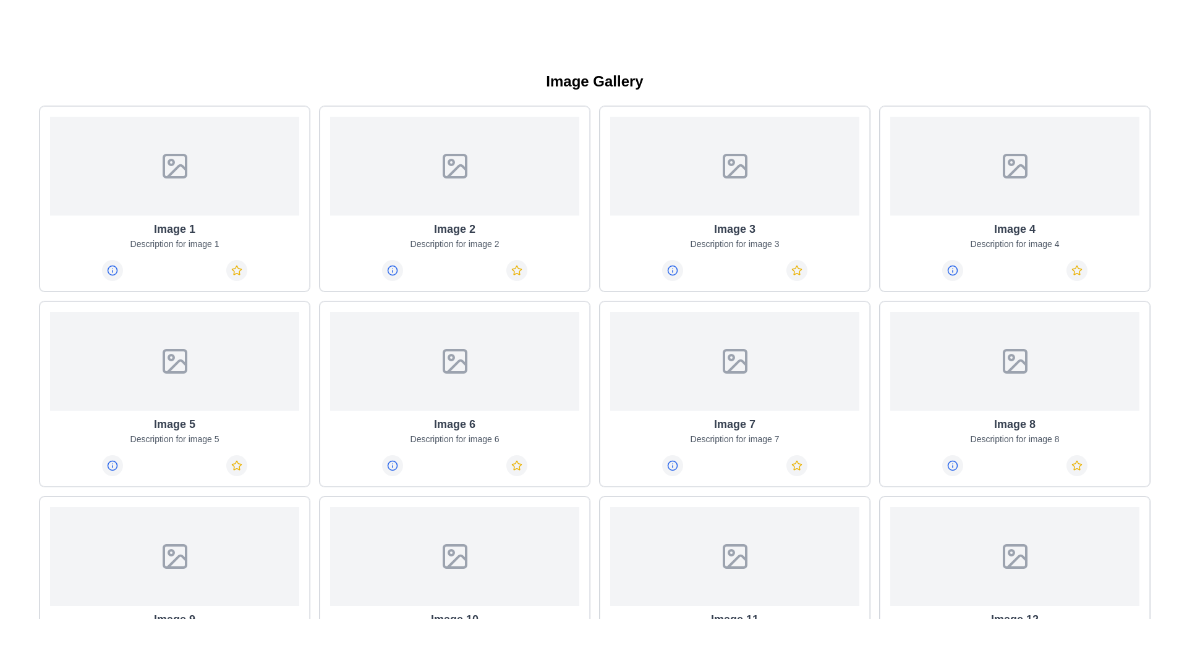 The height and width of the screenshot is (667, 1187). I want to click on the star-shaped icon inside the circular button, so click(1076, 270).